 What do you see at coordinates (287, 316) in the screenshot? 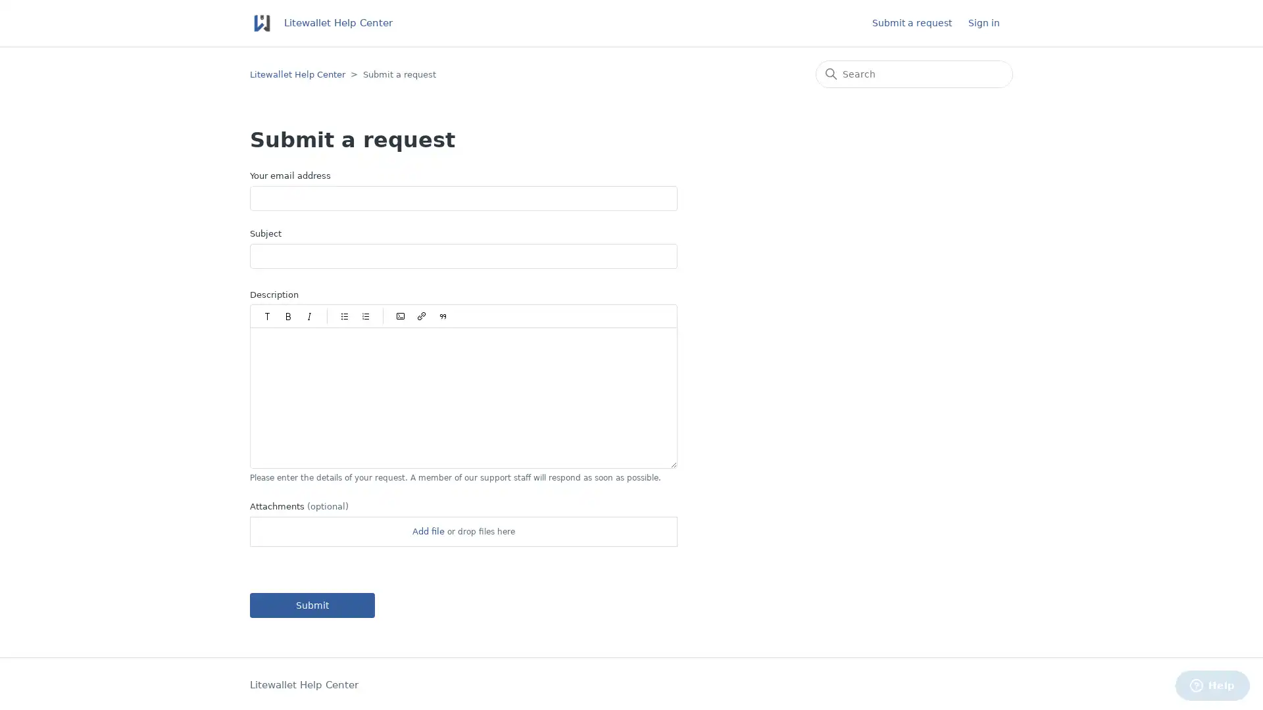
I see `Bold` at bounding box center [287, 316].